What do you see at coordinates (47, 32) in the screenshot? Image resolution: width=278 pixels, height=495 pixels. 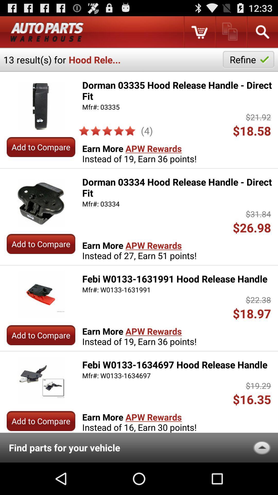 I see `return to main menu` at bounding box center [47, 32].